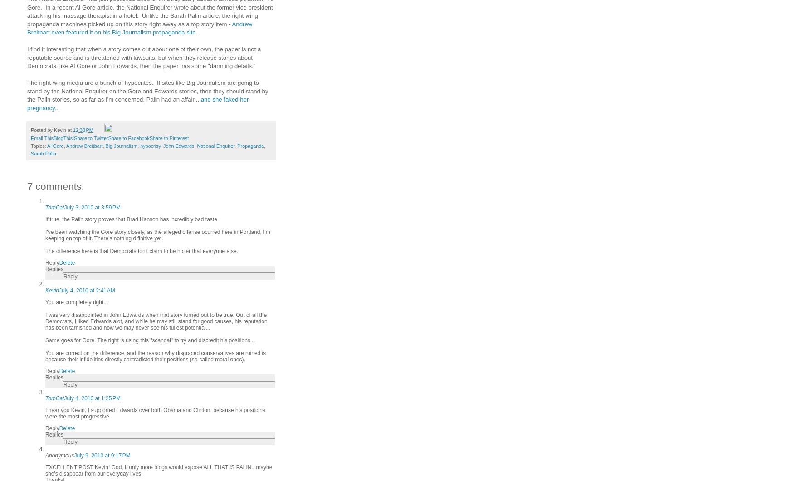 The height and width of the screenshot is (481, 810). I want to click on 'Anonymous', so click(45, 455).